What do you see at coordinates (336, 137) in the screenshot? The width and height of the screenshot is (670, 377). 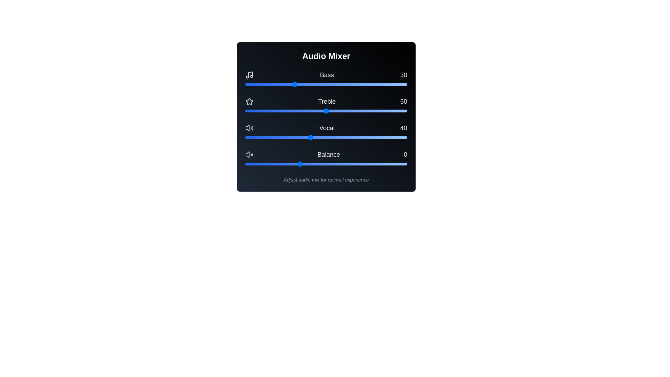 I see `the Vocal slider to set the vocal level to 56` at bounding box center [336, 137].